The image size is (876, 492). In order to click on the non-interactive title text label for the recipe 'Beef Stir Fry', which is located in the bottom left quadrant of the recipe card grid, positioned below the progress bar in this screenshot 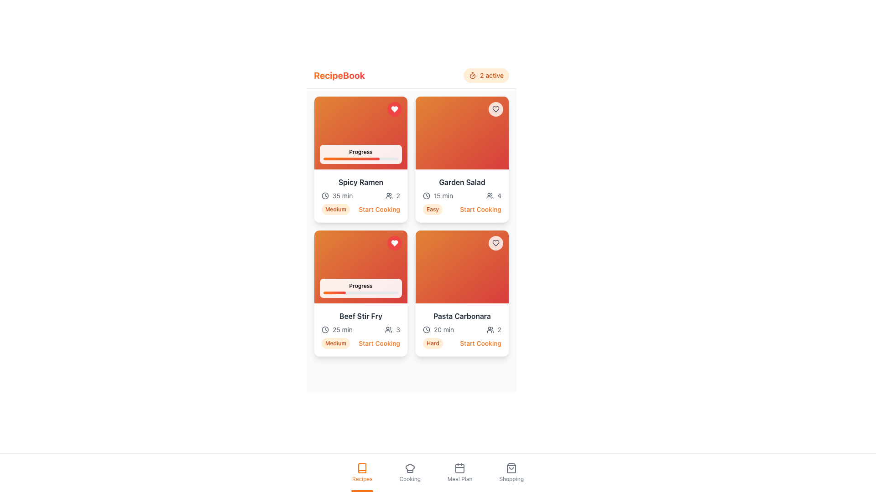, I will do `click(360, 316)`.